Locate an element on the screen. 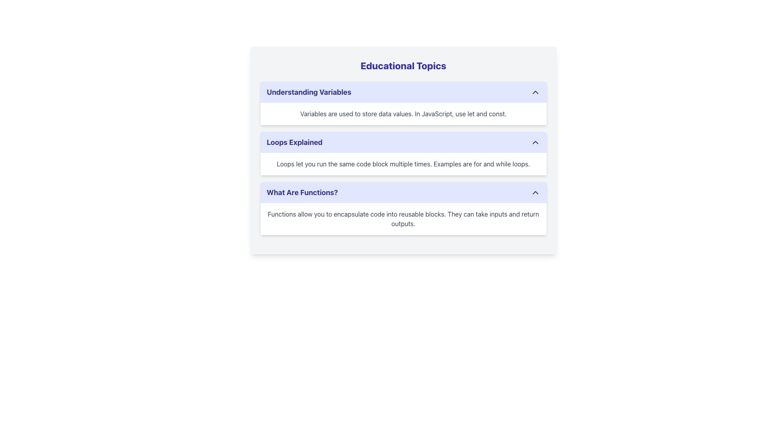  the bold-styled text label displaying 'Understanding Variables', which is prominently positioned within a light indigo background at the top of its section is located at coordinates (308, 92).